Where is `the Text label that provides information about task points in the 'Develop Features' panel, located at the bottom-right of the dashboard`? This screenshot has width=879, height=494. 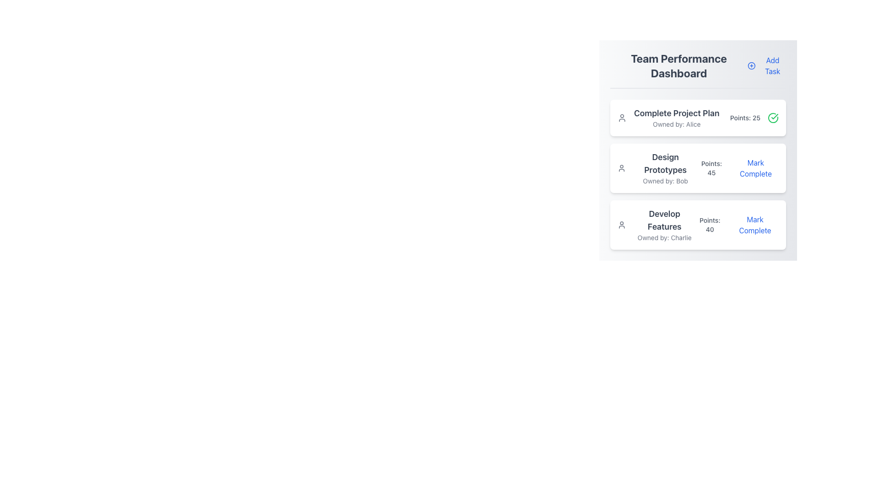
the Text label that provides information about task points in the 'Develop Features' panel, located at the bottom-right of the dashboard is located at coordinates (709, 225).